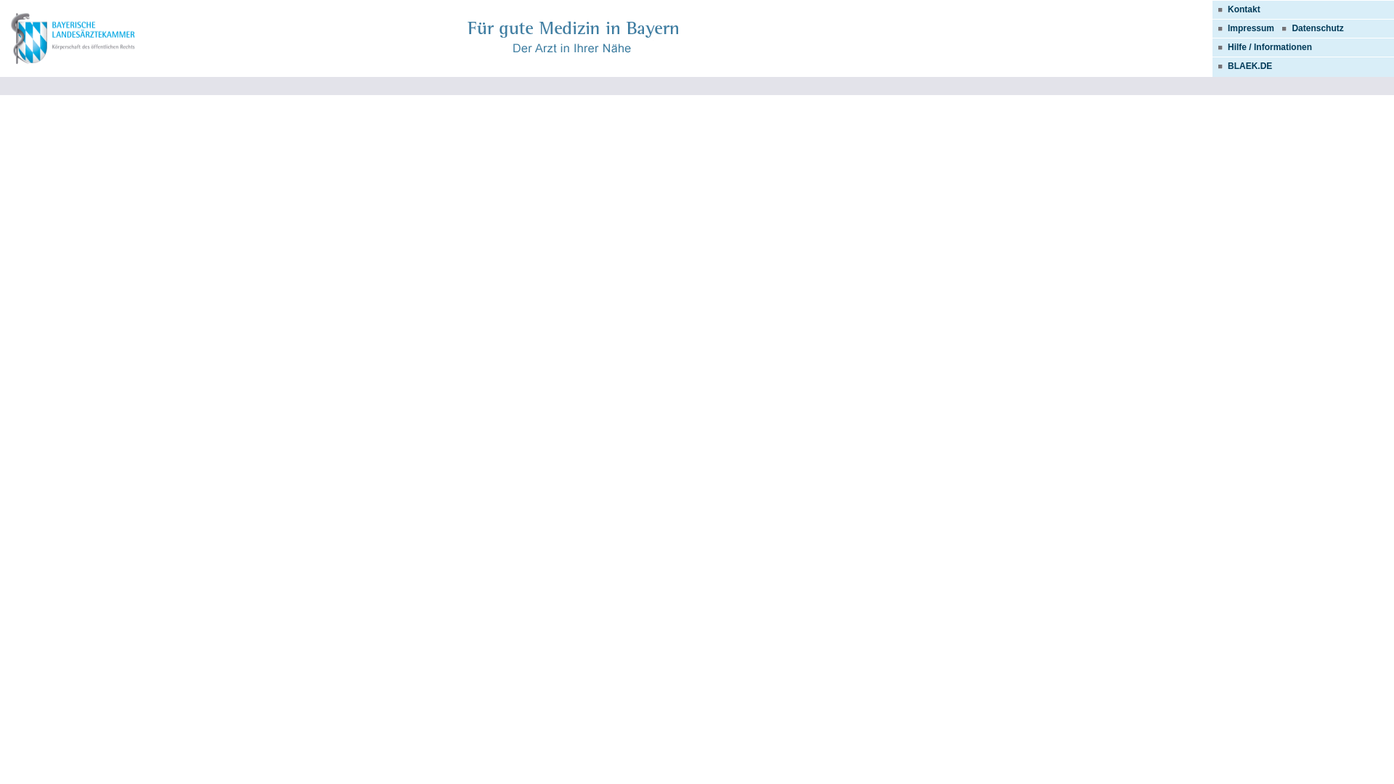 This screenshot has height=784, width=1394. I want to click on 'Kontakt', so click(1236, 9).